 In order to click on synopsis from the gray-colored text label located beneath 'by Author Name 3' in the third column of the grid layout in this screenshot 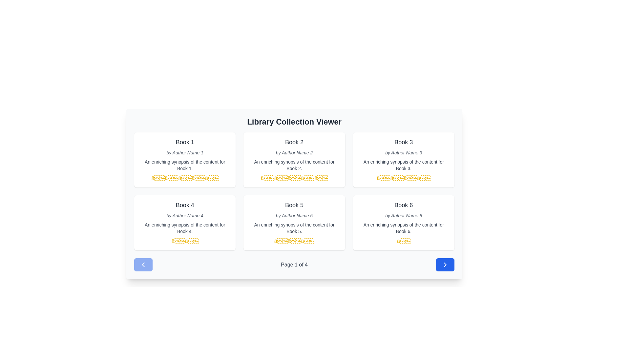, I will do `click(403, 165)`.